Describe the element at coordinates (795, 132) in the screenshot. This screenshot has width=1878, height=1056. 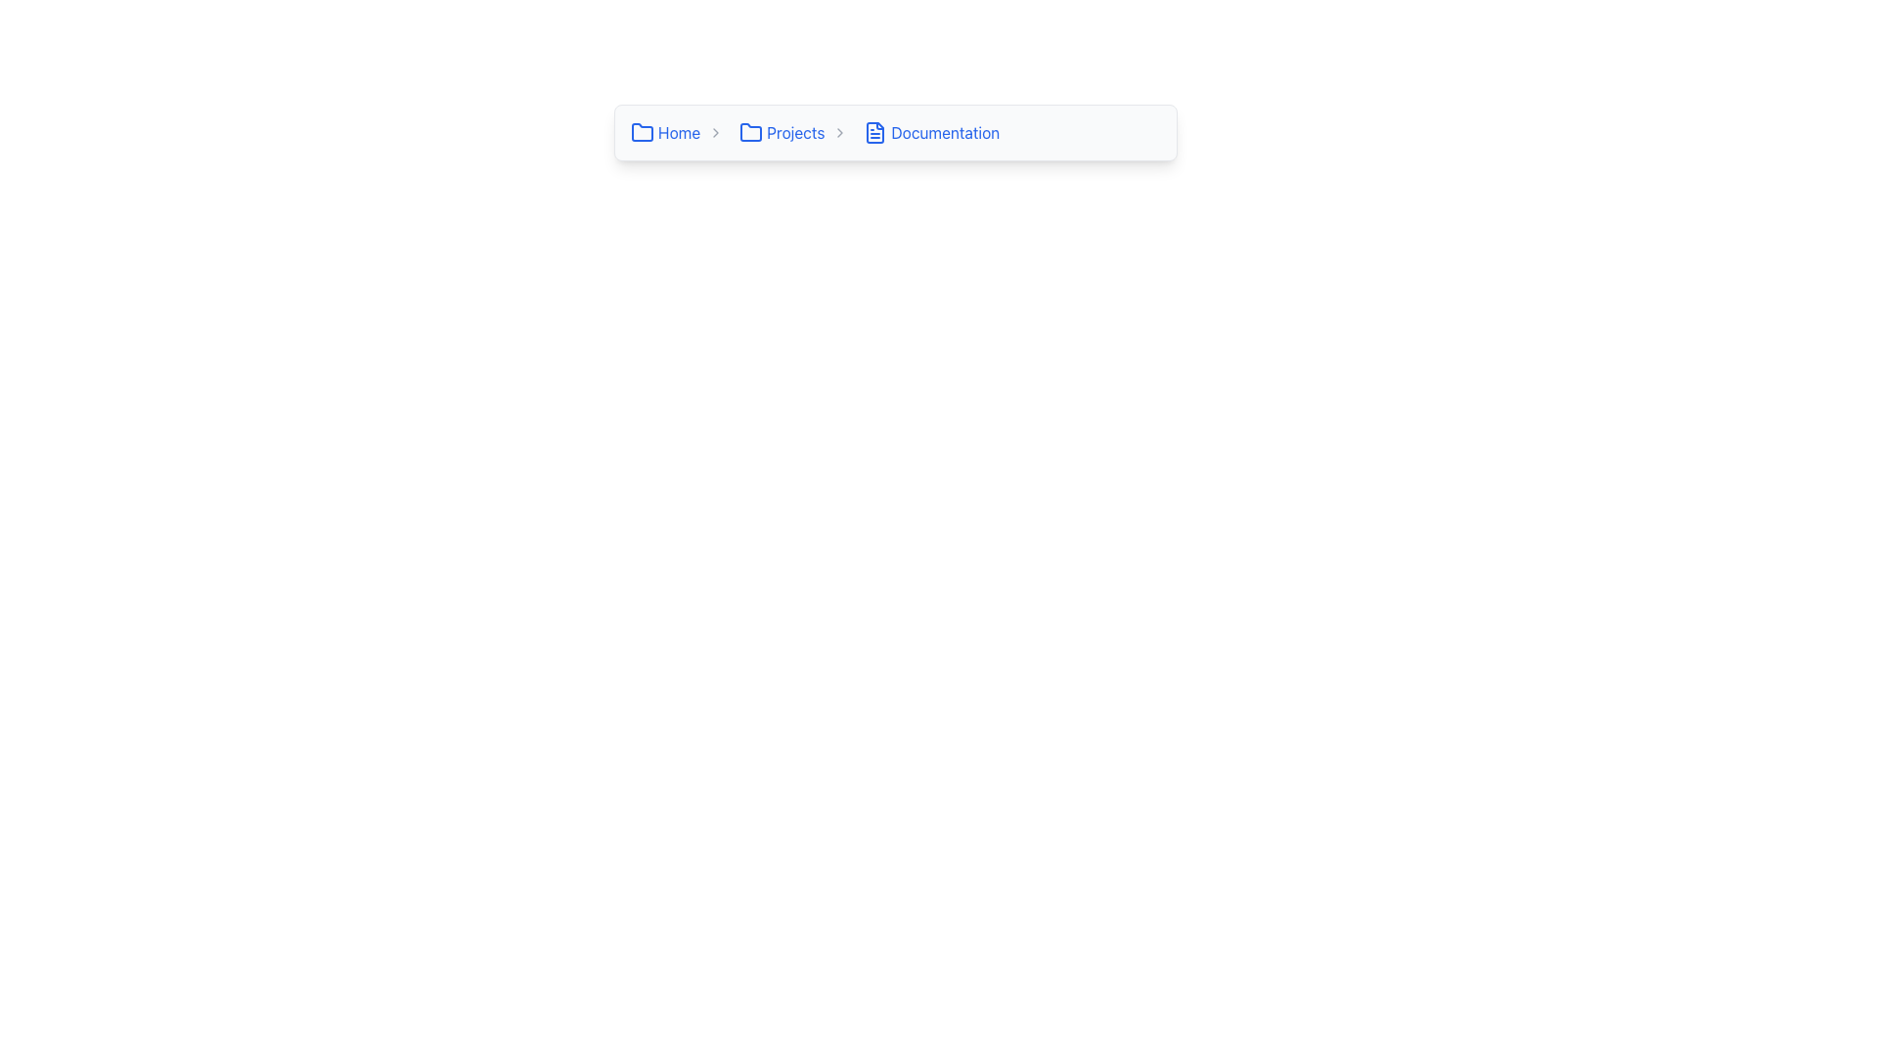
I see `the 'Projects' text link, which is a blue underlined text in the breadcrumb navigation, located between 'Home' and 'Documentation'` at that location.